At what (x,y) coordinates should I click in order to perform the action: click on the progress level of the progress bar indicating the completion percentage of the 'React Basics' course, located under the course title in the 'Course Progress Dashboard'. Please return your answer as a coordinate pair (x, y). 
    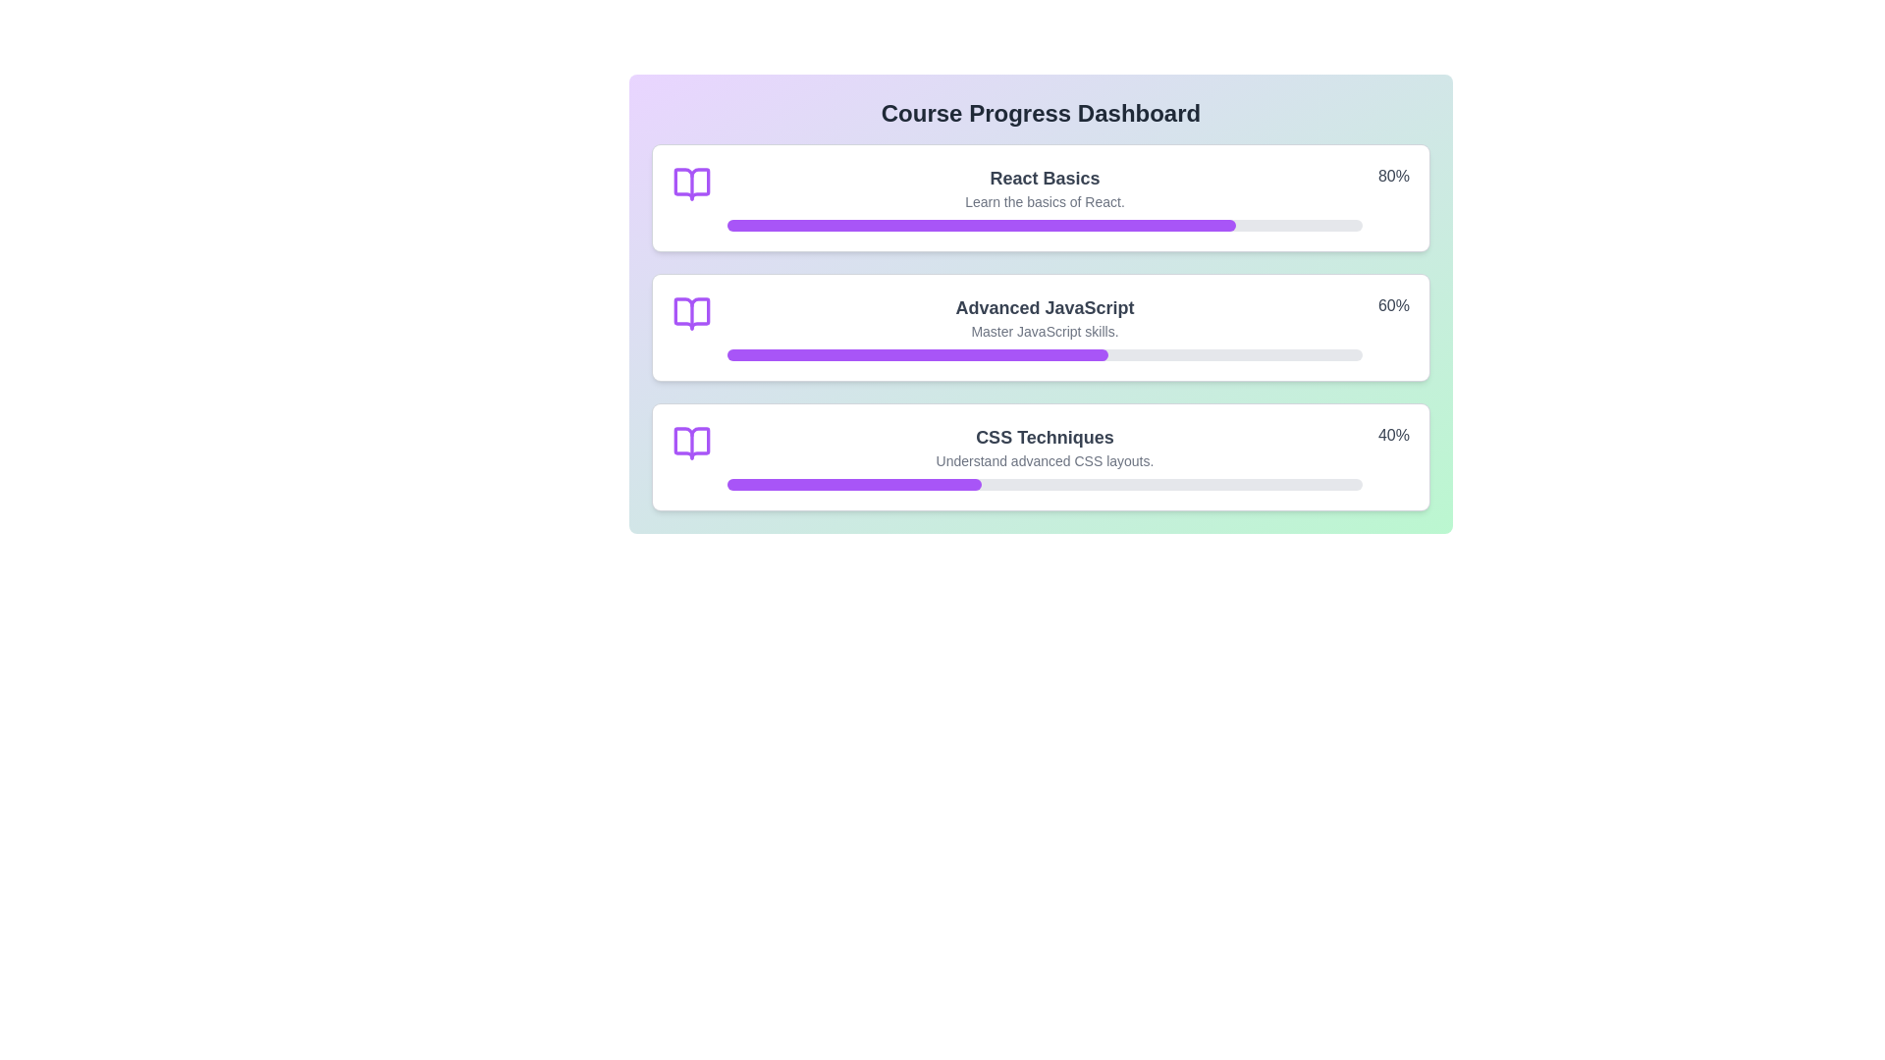
    Looking at the image, I should click on (981, 225).